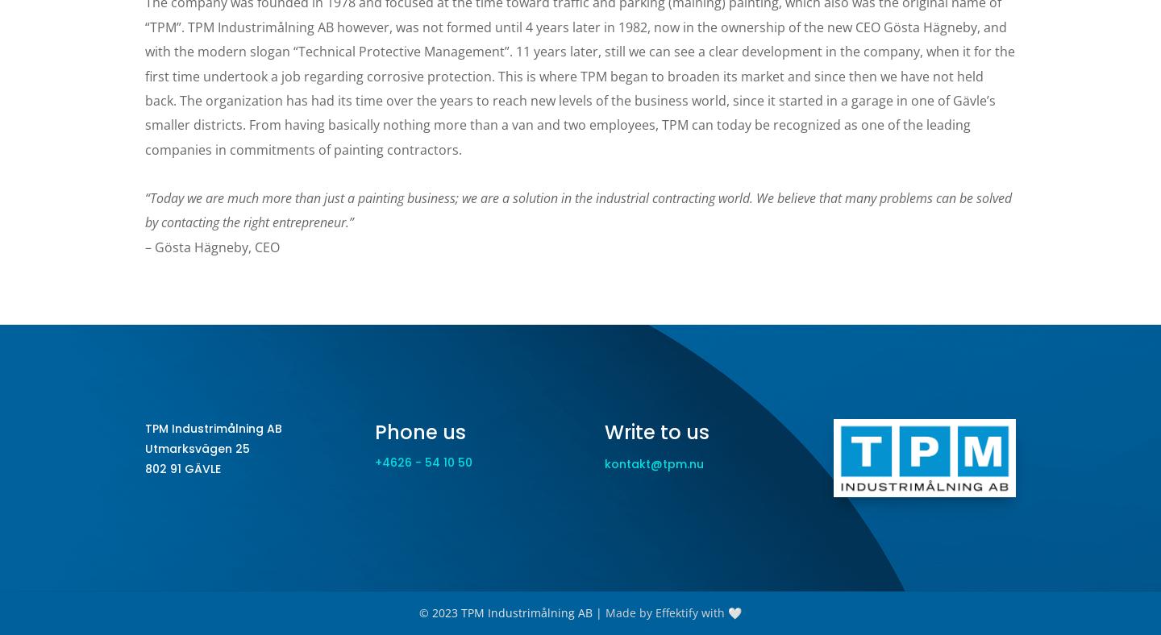 The image size is (1161, 635). What do you see at coordinates (373, 462) in the screenshot?
I see `'+4626 - 54 10 50'` at bounding box center [373, 462].